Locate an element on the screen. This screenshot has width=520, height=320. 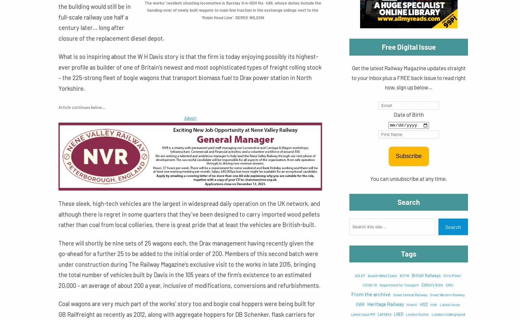
'Letters' is located at coordinates (384, 314).